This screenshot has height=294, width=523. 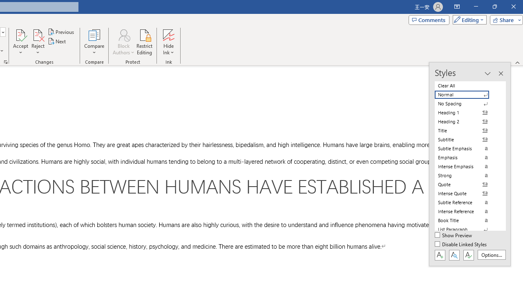 I want to click on 'Reject', so click(x=37, y=42).